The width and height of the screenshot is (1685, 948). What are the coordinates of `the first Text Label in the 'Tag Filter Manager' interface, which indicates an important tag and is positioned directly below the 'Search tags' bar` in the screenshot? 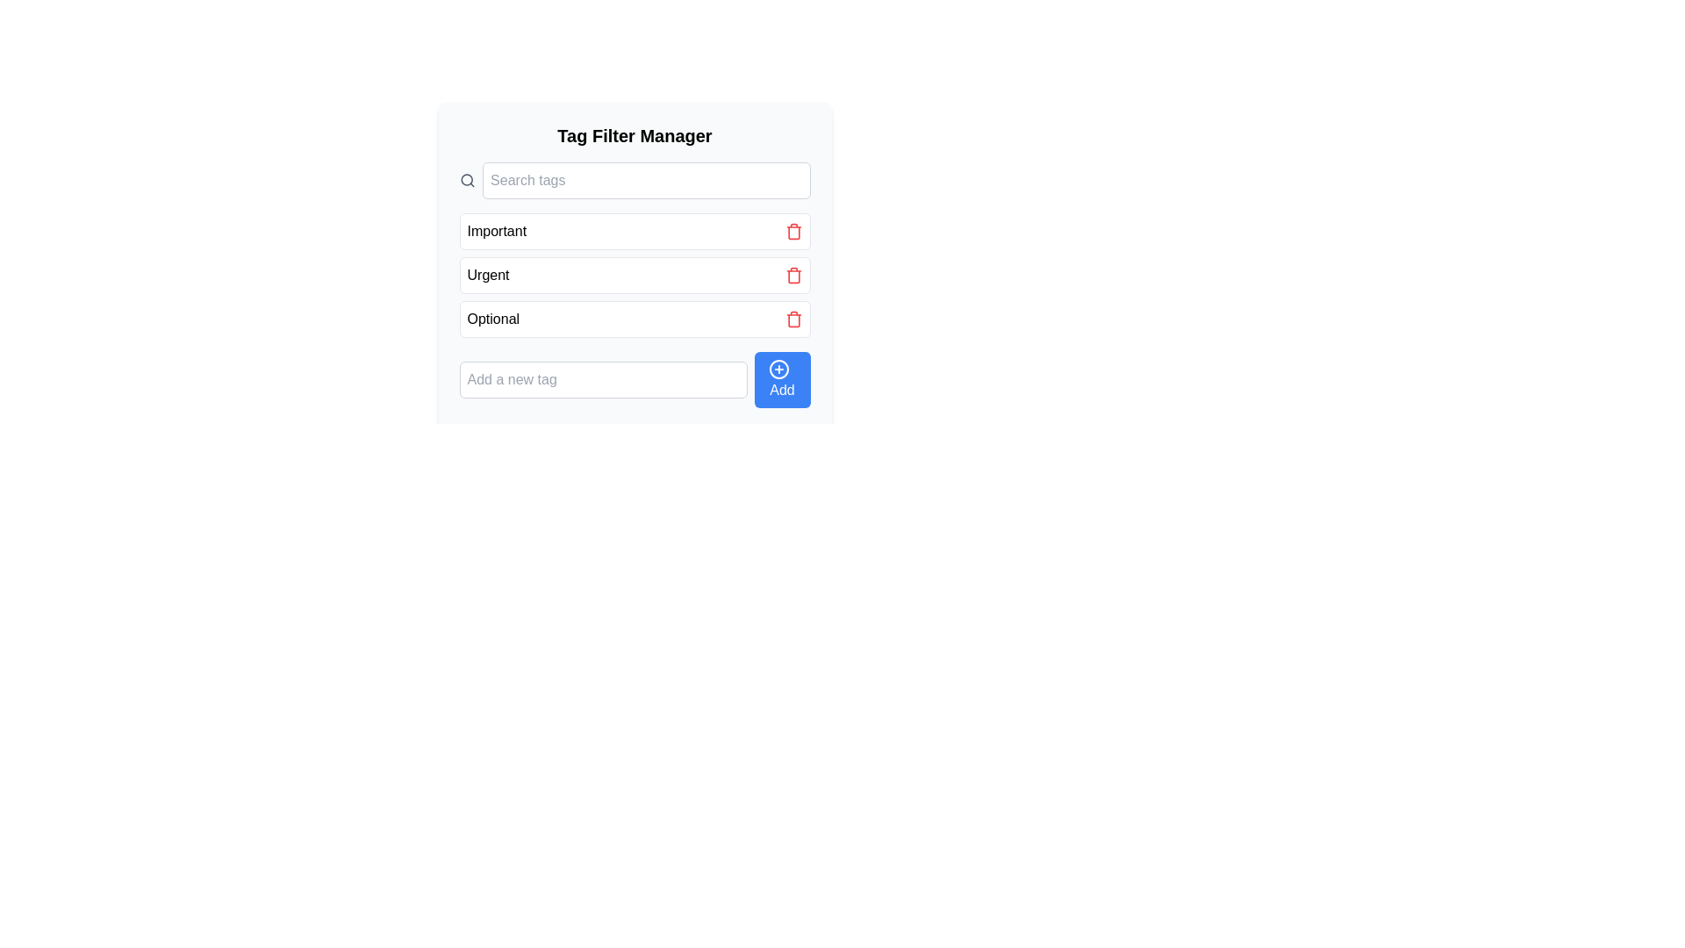 It's located at (496, 230).